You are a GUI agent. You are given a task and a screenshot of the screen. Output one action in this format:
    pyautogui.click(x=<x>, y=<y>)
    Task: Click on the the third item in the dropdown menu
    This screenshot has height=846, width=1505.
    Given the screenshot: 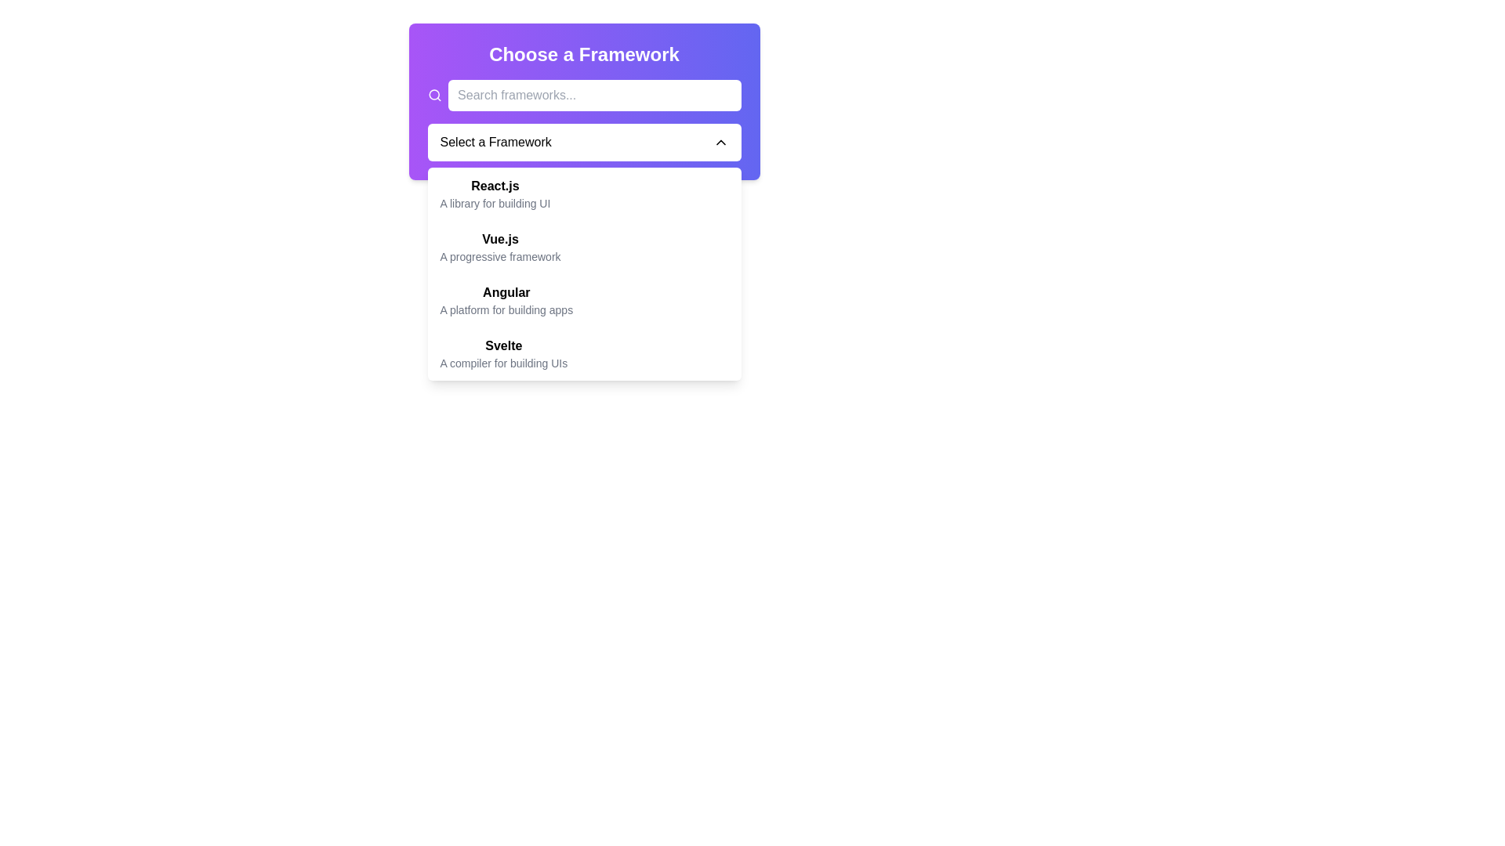 What is the action you would take?
    pyautogui.click(x=583, y=301)
    